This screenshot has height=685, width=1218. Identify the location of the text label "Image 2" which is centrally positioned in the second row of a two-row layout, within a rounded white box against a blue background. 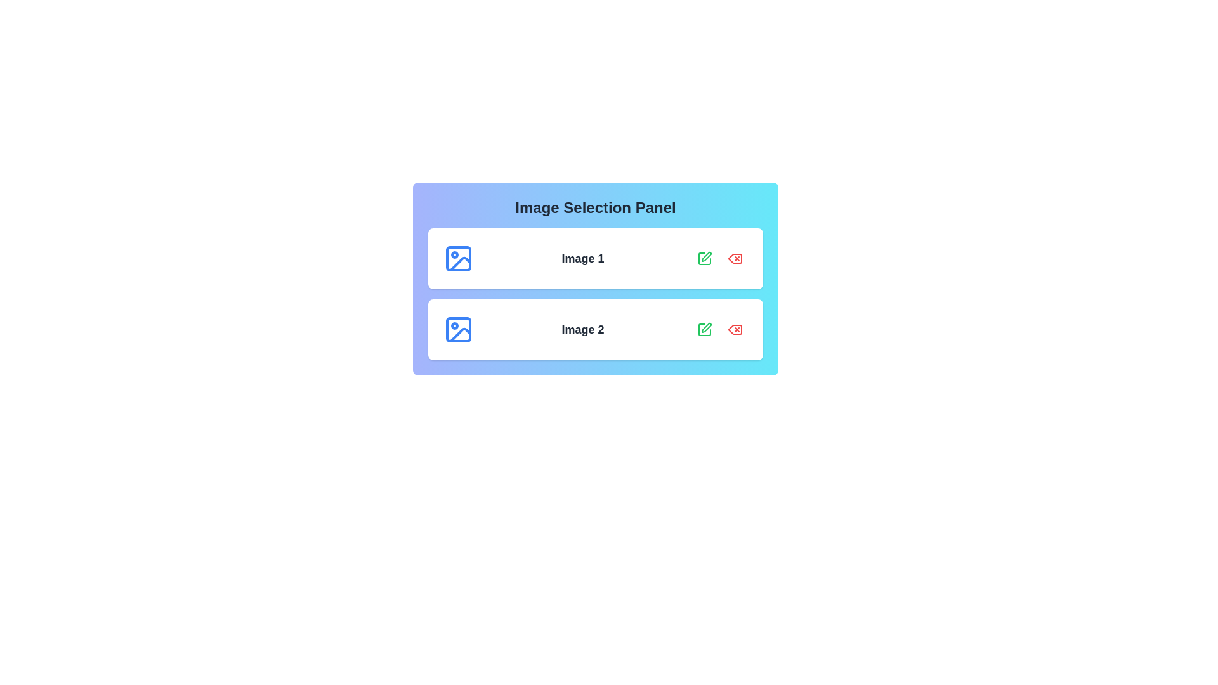
(582, 329).